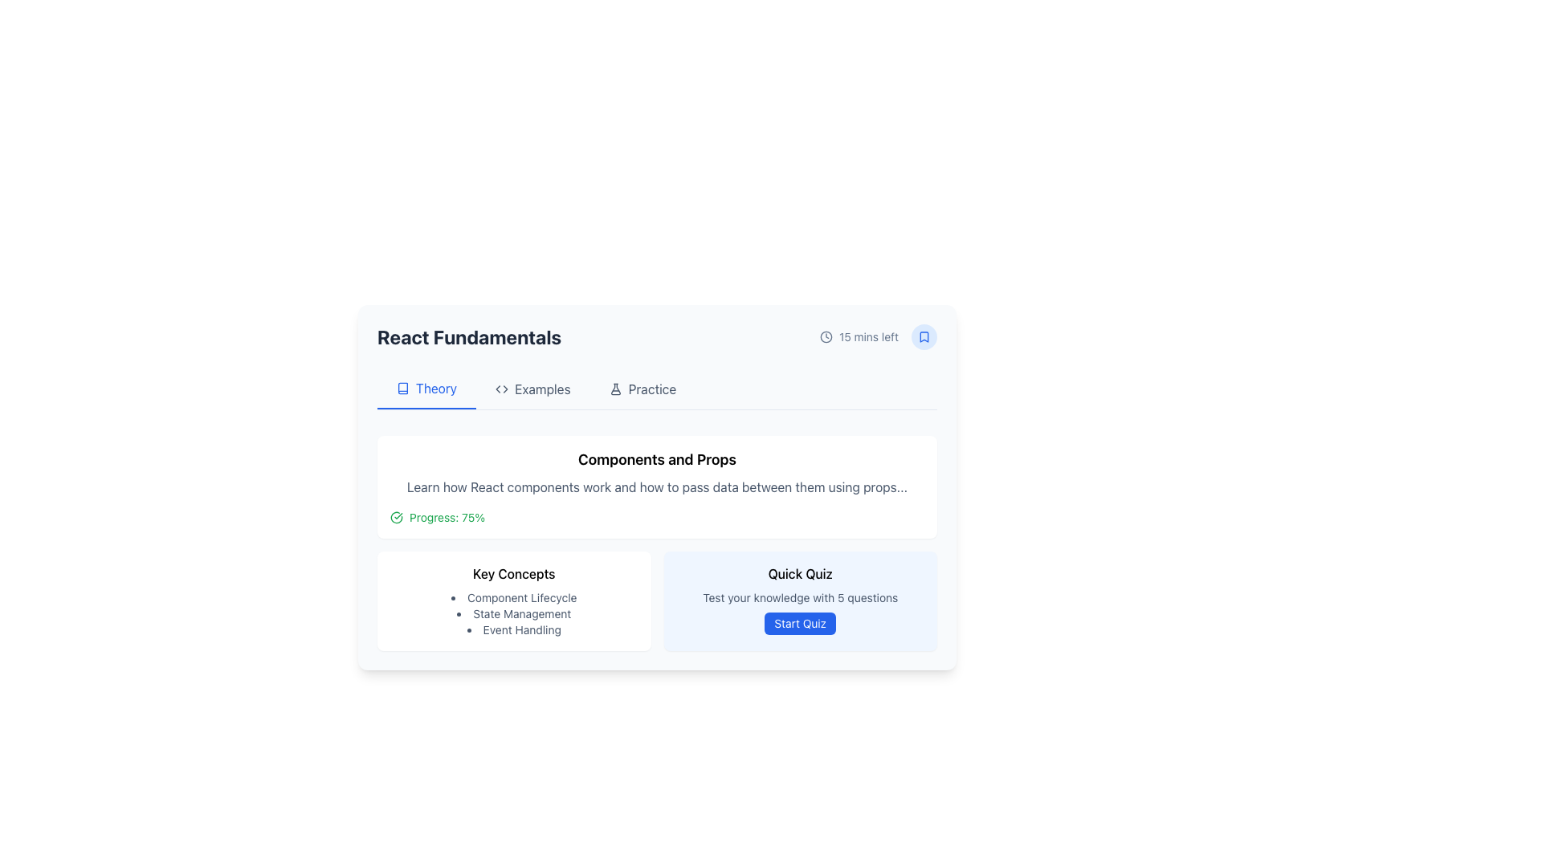  What do you see at coordinates (657, 486) in the screenshot?
I see `information presented on the first informational card in the 'React Fundamentals' section, which summarizes React components and props and shows a progress completion of 75%` at bounding box center [657, 486].